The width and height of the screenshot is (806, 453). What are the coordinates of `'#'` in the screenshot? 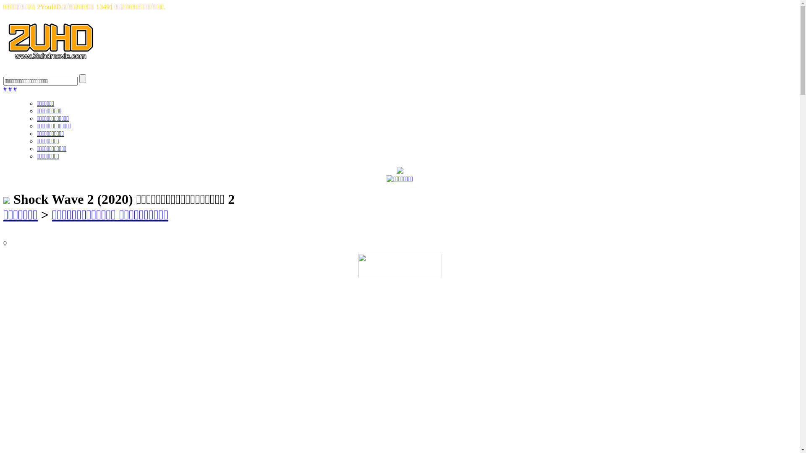 It's located at (10, 89).